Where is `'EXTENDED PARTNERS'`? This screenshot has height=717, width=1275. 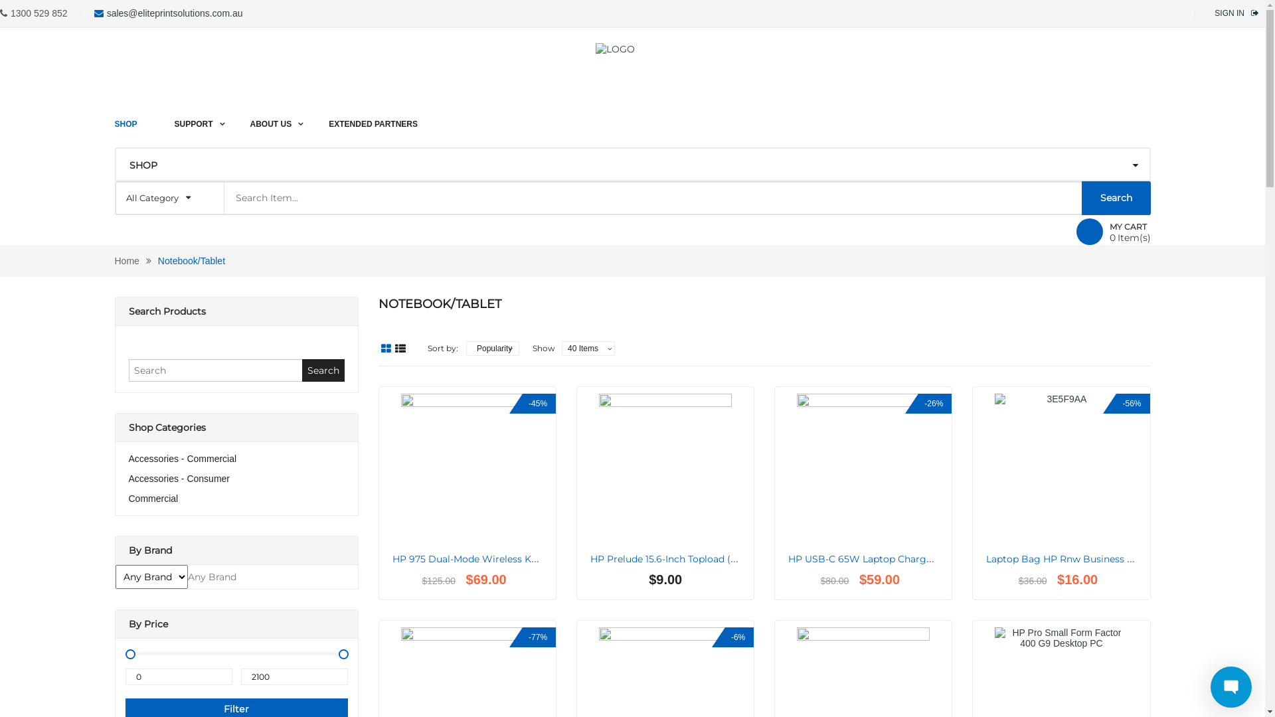
'EXTENDED PARTNERS' is located at coordinates (372, 116).